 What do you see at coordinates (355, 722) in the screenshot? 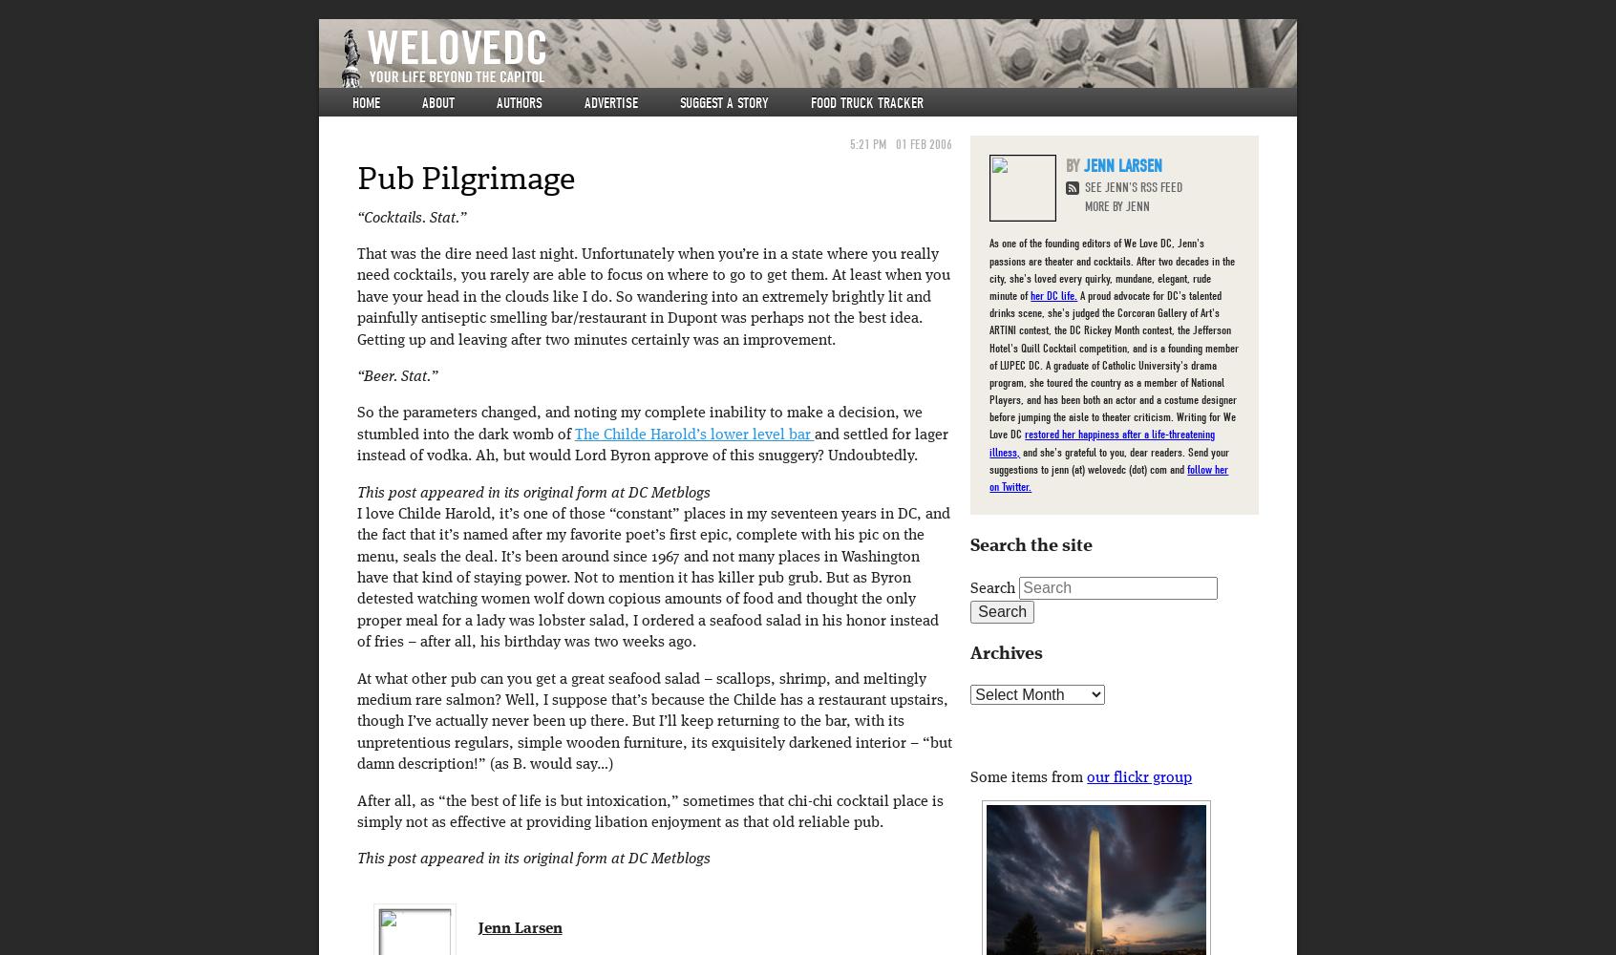
I see `'At what other pub can you get a great seafood salad – scallops, shrimp, and meltingly medium rare salmon? Well, I suppose that’s because the Childe has a restaurant upstairs, though I’ve actually never been up there. But I’ll keep returning to the bar, with its unpretentious regulars, simple wooden furniture, its exquisitely darkened interior – “but damn description!” (as B. would say…)'` at bounding box center [355, 722].